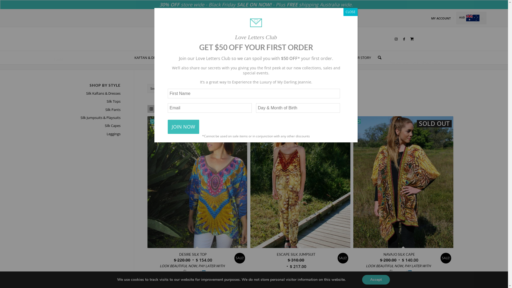 This screenshot has width=512, height=288. What do you see at coordinates (403, 182) in the screenshot?
I see `'SOLD OUT'` at bounding box center [403, 182].